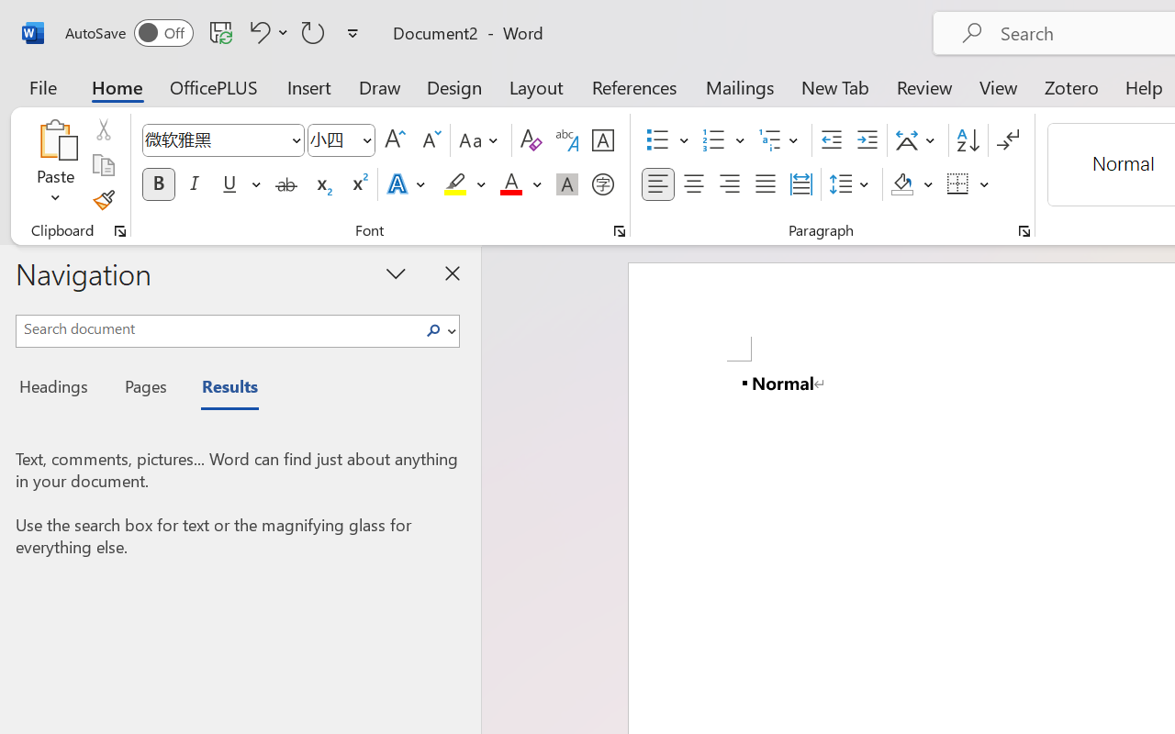 The height and width of the screenshot is (734, 1175). I want to click on 'View', so click(998, 86).